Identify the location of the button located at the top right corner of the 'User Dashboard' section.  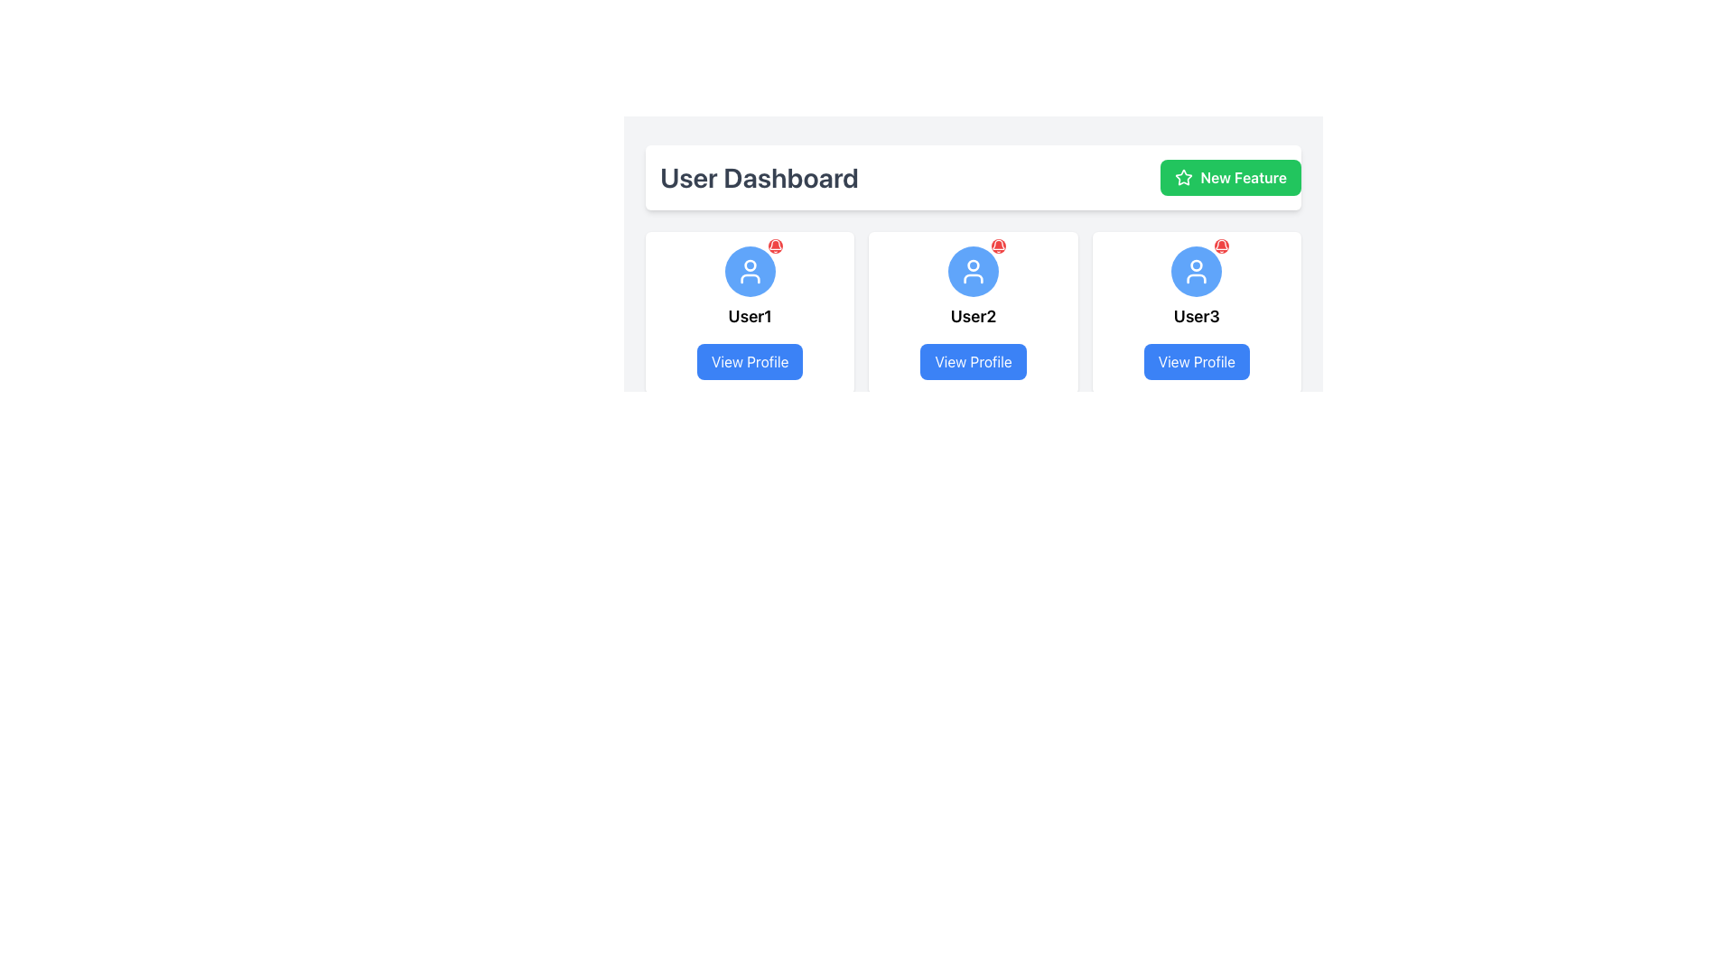
(1230, 177).